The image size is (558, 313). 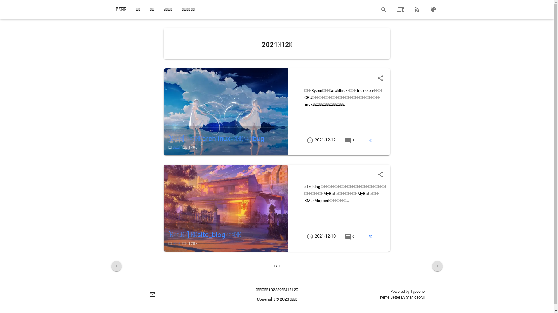 I want to click on '1/1', so click(x=276, y=266).